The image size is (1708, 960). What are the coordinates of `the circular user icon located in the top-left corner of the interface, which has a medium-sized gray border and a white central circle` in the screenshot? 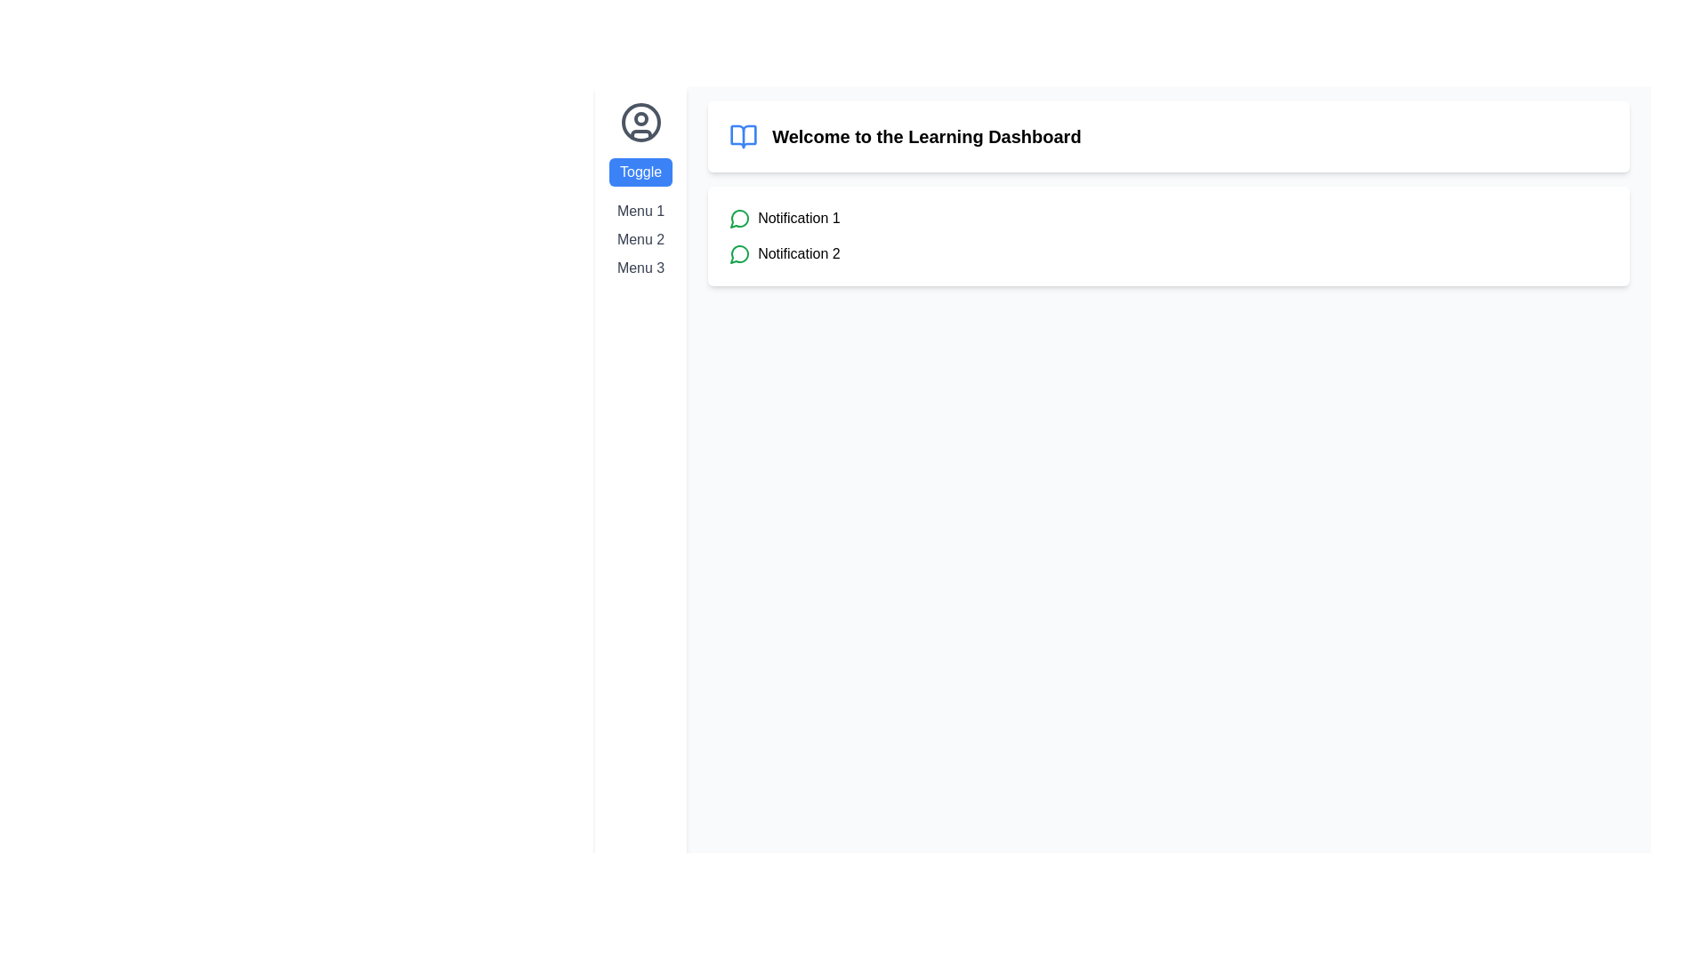 It's located at (640, 122).